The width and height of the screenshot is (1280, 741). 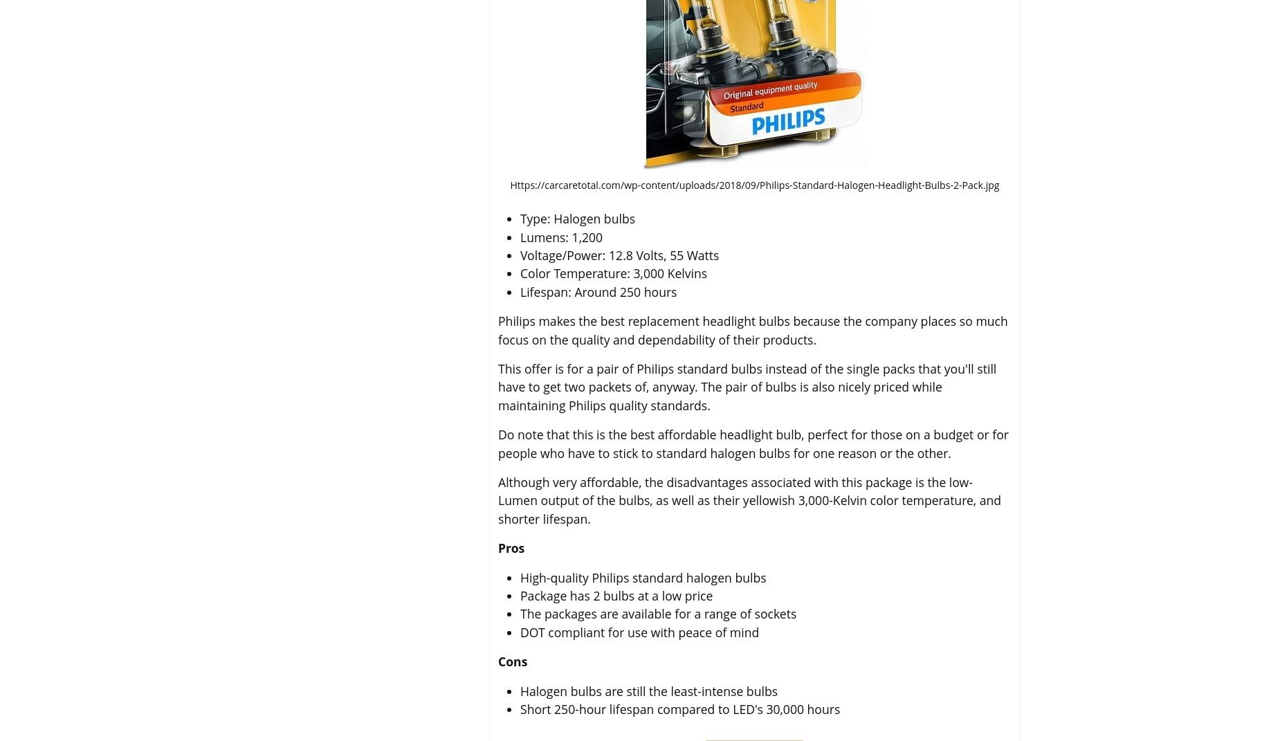 What do you see at coordinates (578, 218) in the screenshot?
I see `'Type: Halogen bulbs'` at bounding box center [578, 218].